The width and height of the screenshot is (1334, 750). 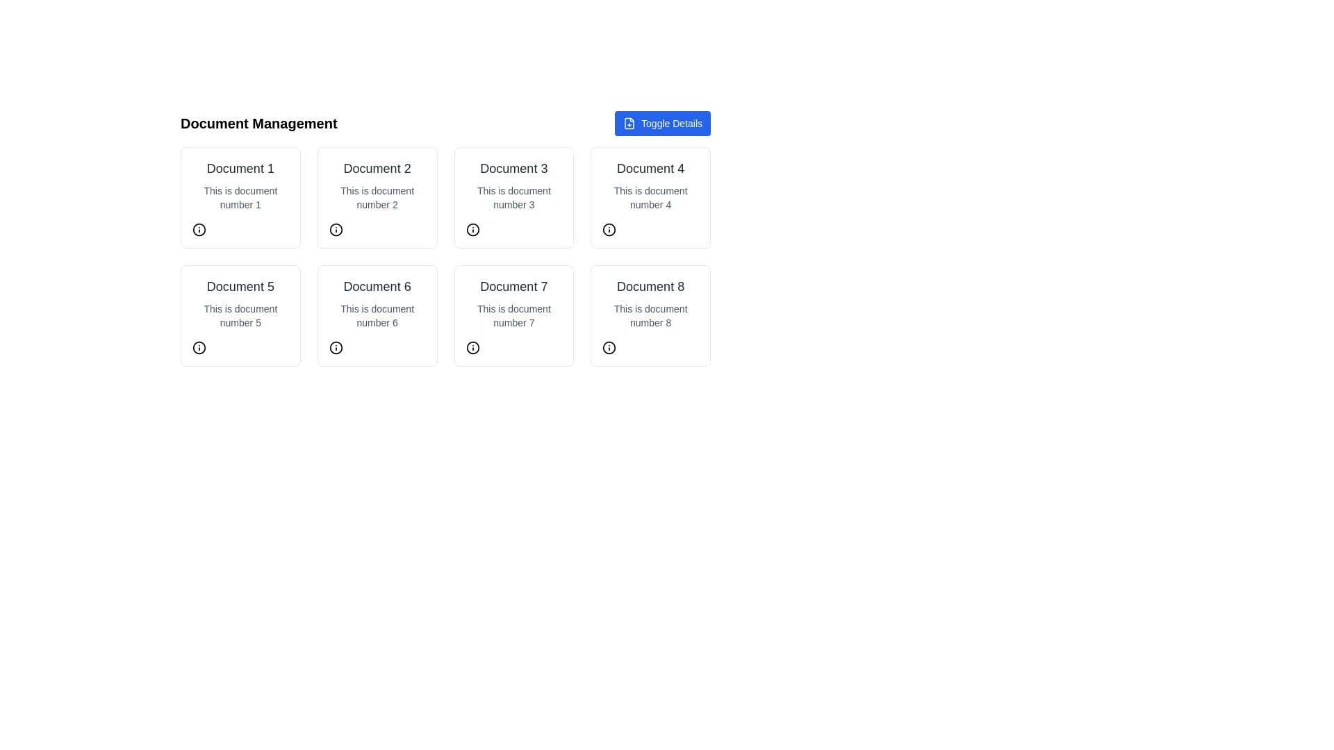 What do you see at coordinates (650, 316) in the screenshot?
I see `the Text Label providing additional information about the document in the card titled 'Document 8', located in the lower region beneath the card title` at bounding box center [650, 316].